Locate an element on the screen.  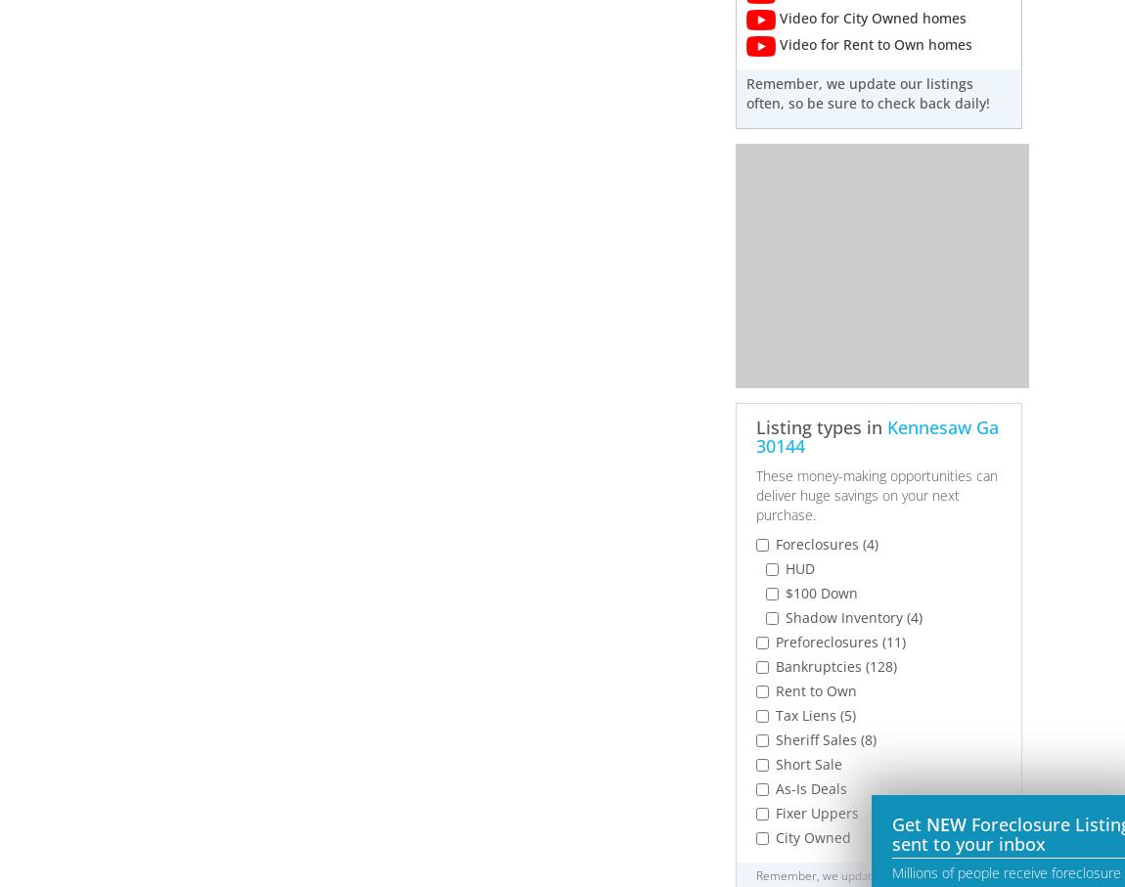
'City Owned' is located at coordinates (811, 836).